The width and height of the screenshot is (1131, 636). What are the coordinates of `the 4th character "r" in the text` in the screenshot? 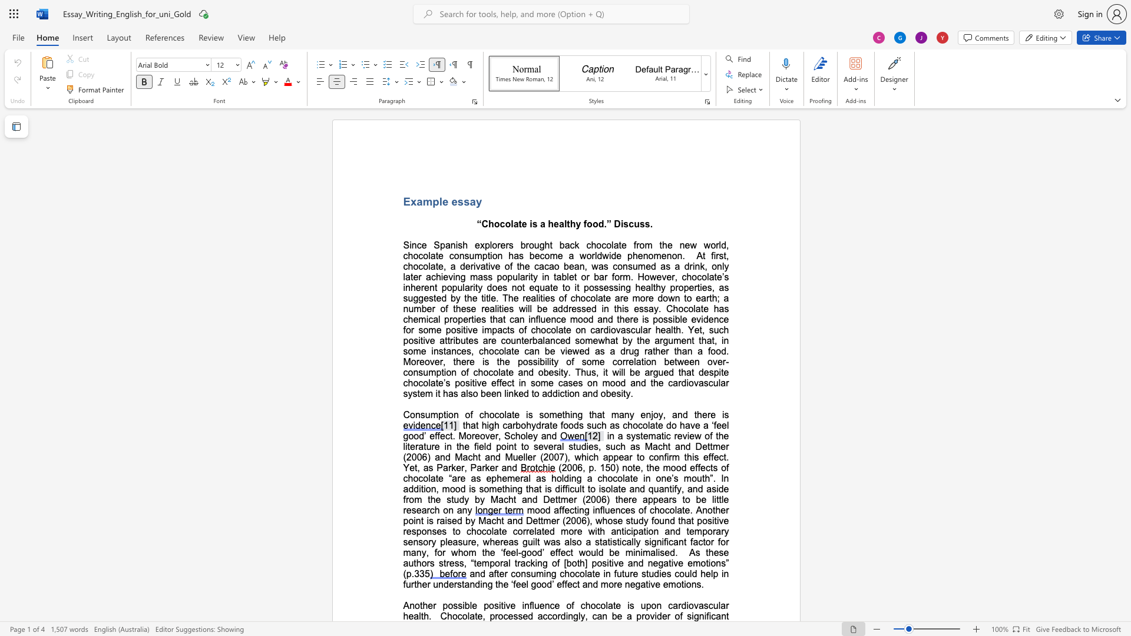 It's located at (637, 244).